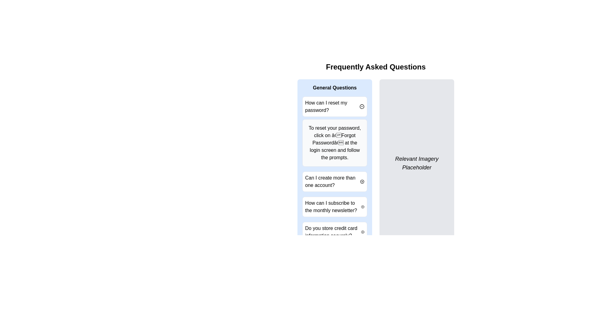 The height and width of the screenshot is (332, 590). Describe the element at coordinates (333, 207) in the screenshot. I see `the FAQ item about subscribing to a newsletter, which is the fourth item in the list under 'General Questions'` at that location.